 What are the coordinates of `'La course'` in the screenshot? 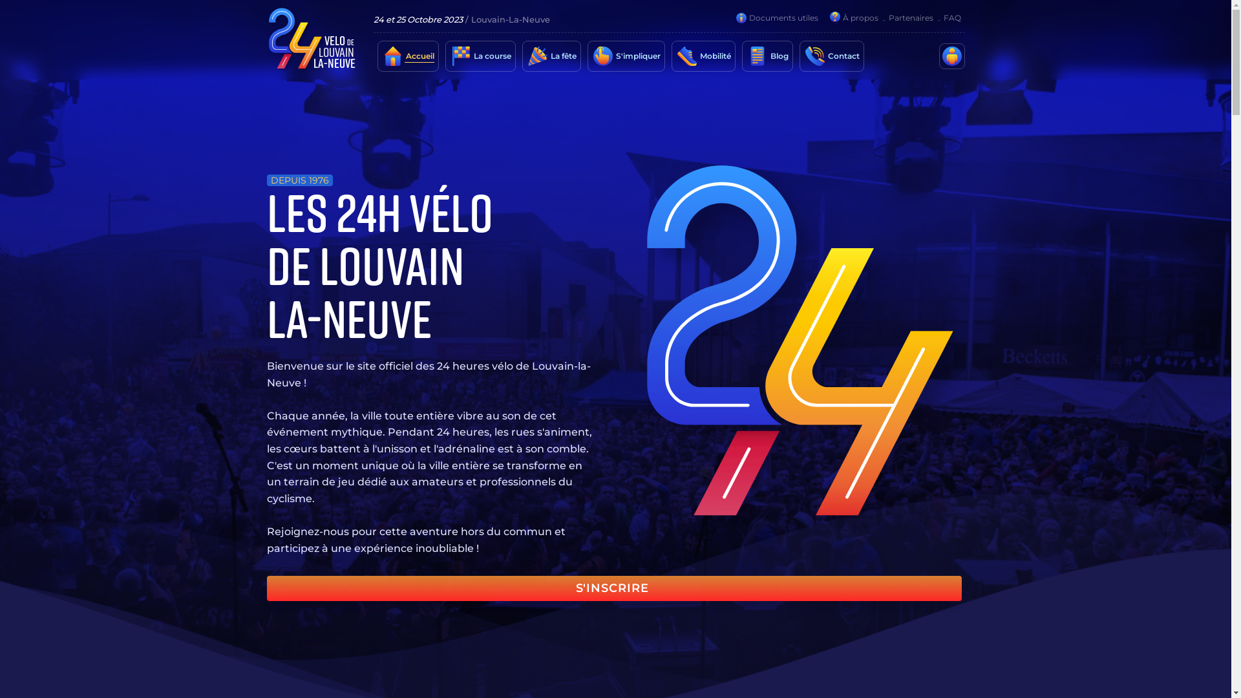 It's located at (490, 56).